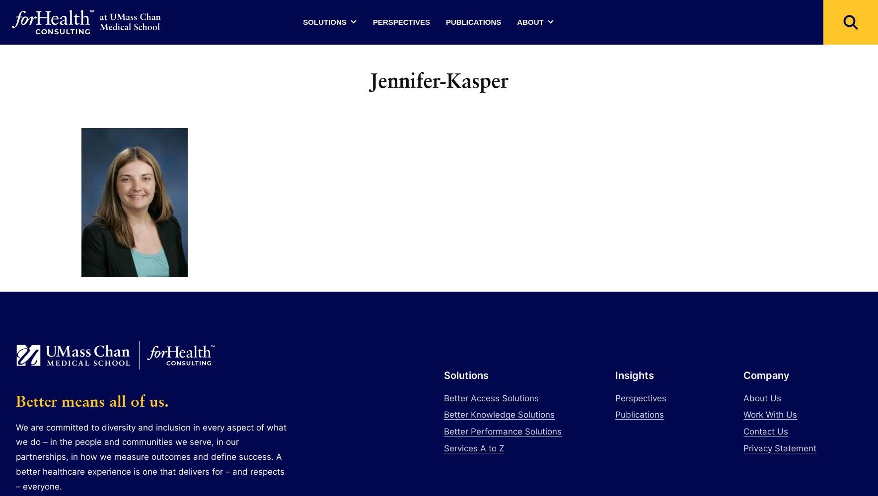 The image size is (878, 496). What do you see at coordinates (491, 398) in the screenshot?
I see `'Better Access Solutions'` at bounding box center [491, 398].